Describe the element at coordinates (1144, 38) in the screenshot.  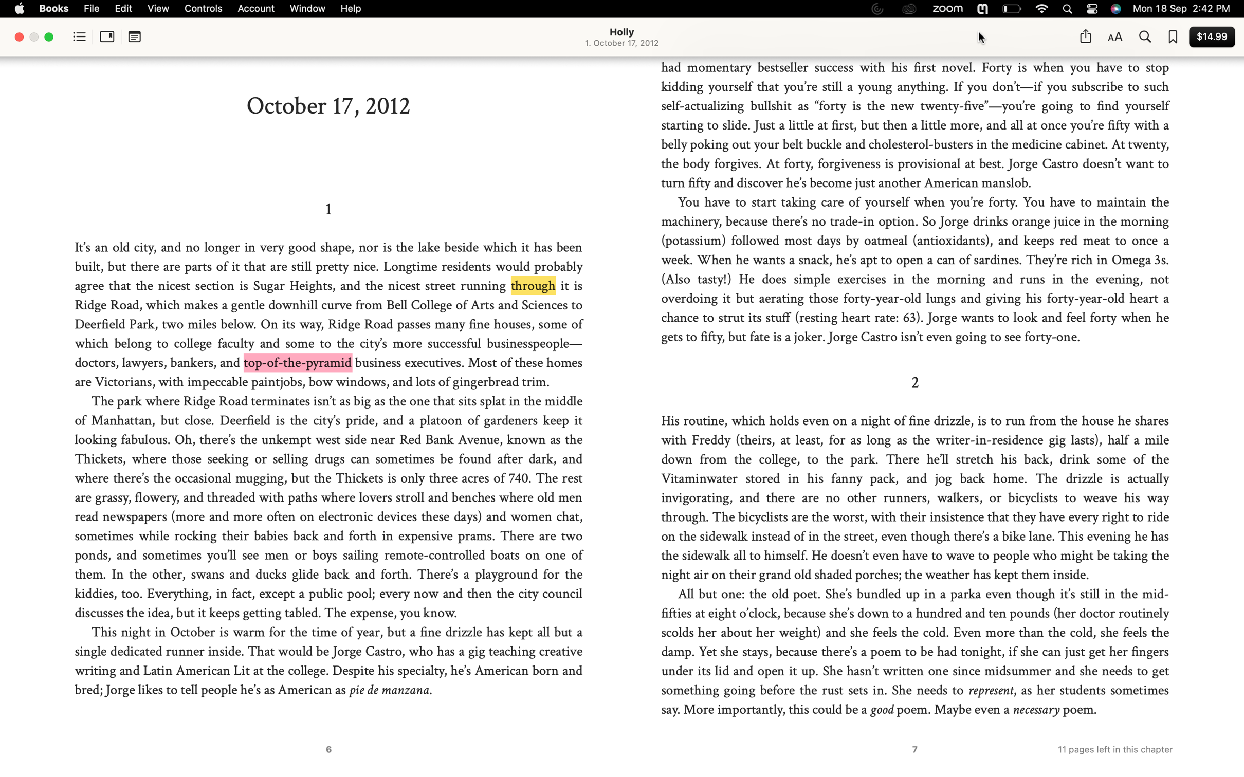
I see `Execute a search for "Jorge Castro` at that location.